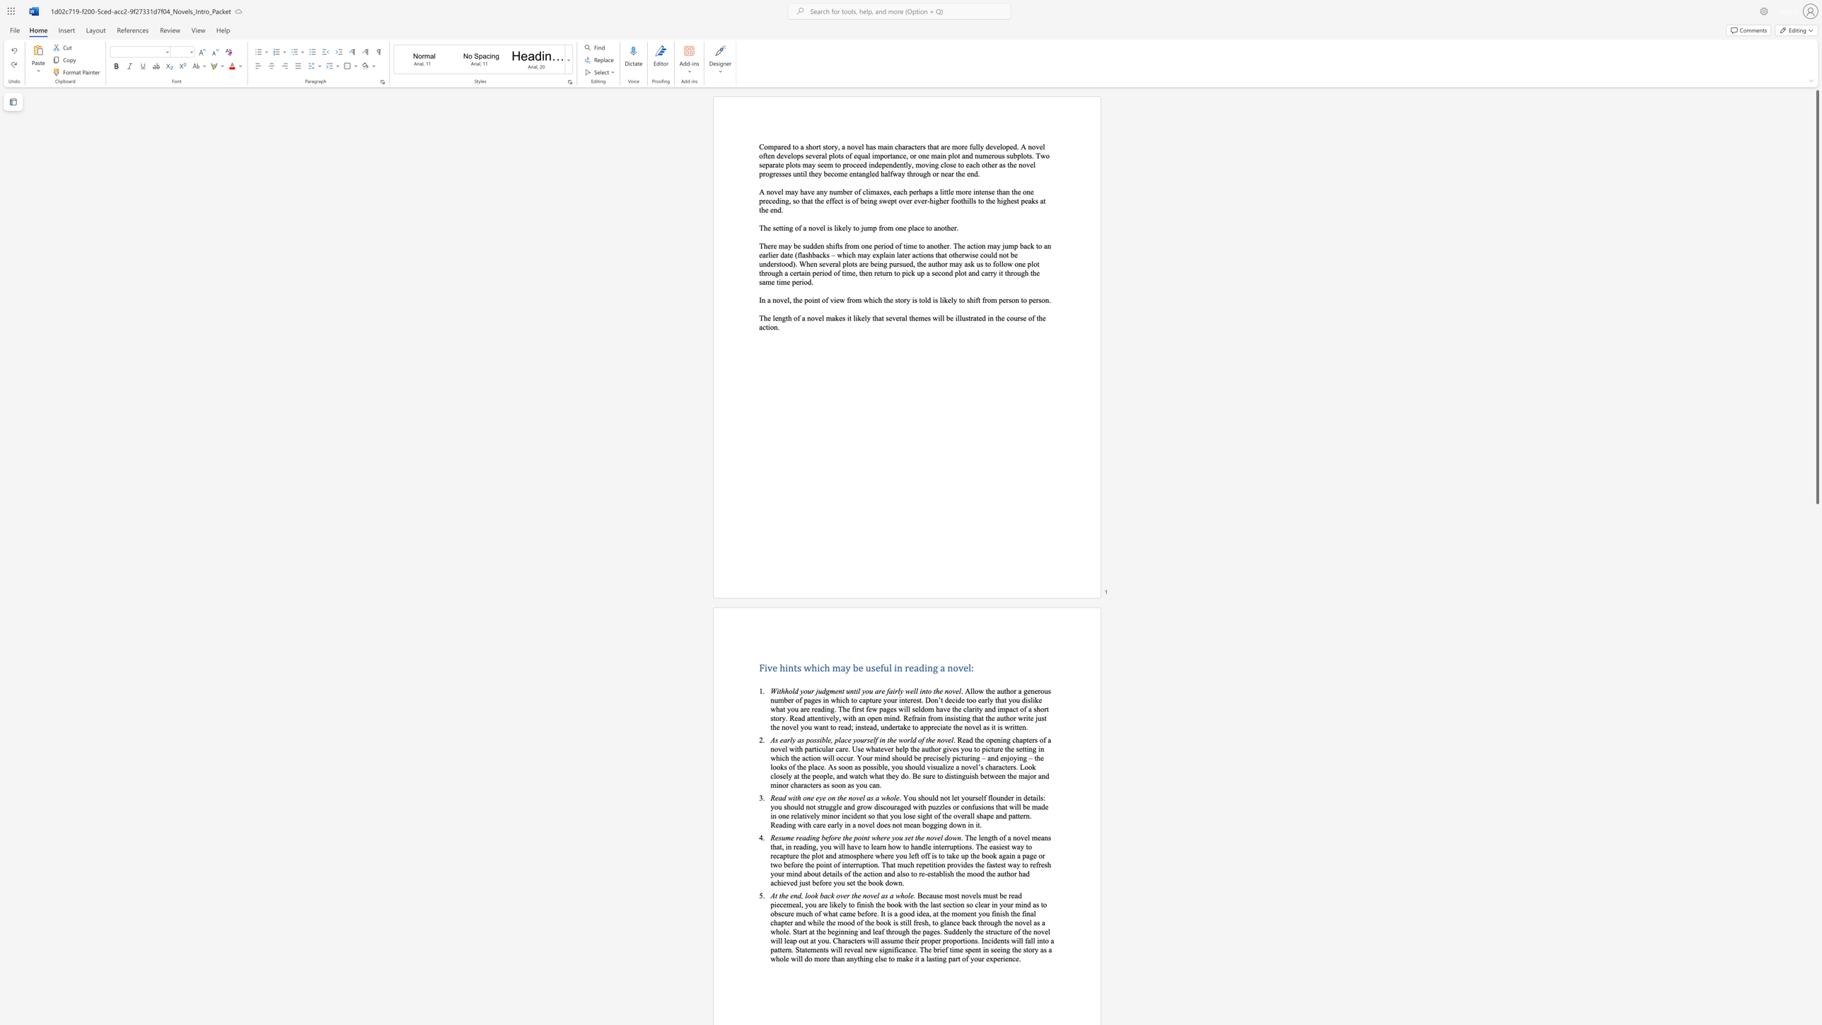 This screenshot has height=1025, width=1822. I want to click on the subset text "ber of climaxes, each perhaps a little more intense than t" within the text "A novel may have any number of climaxes, each perhaps a little more intense than the one preceding, so that the effect is of being swept over ever-higher foothills to the highest peaks at the end.", so click(842, 192).